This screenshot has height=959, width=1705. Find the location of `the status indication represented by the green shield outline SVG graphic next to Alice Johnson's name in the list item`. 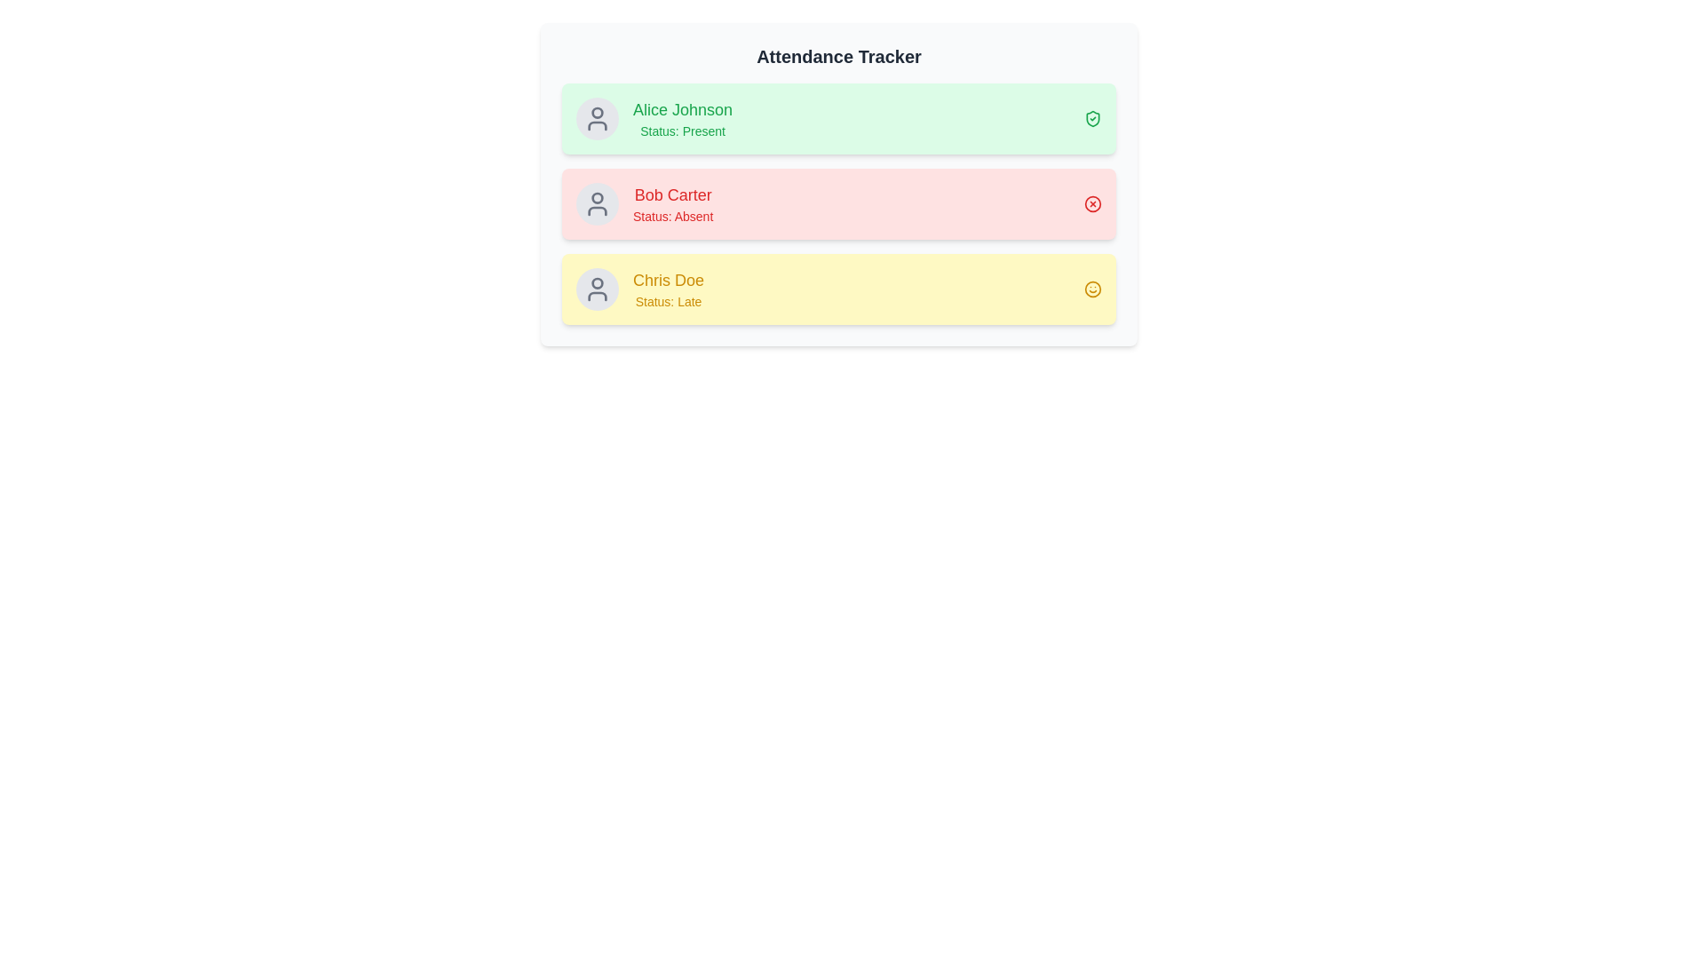

the status indication represented by the green shield outline SVG graphic next to Alice Johnson's name in the list item is located at coordinates (1091, 119).